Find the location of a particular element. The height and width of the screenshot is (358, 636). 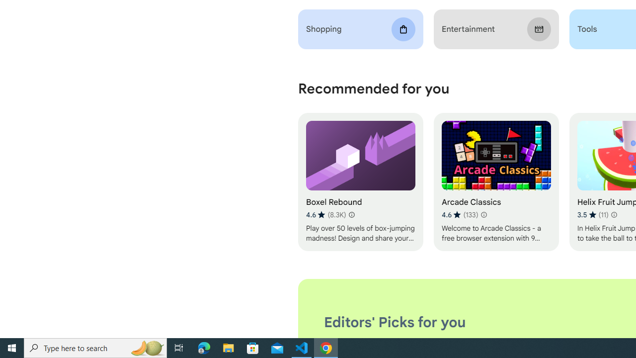

'Learn more about results and reviews "Boxel Rebound"' is located at coordinates (351, 214).